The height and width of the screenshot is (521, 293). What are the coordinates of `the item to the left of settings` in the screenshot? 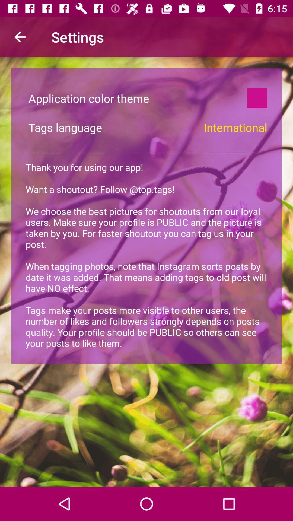 It's located at (20, 37).